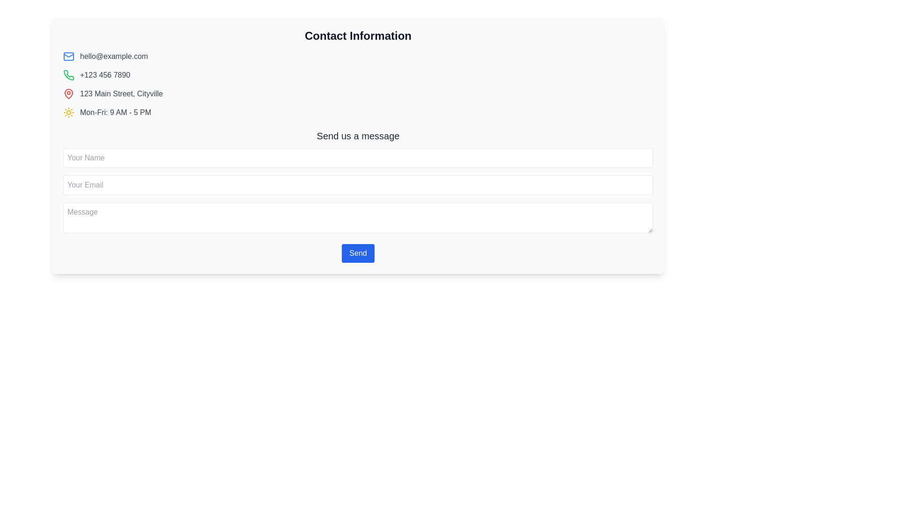 This screenshot has height=505, width=899. I want to click on the text label displaying the contact phone number, which is located immediately to the right of the phone icon and below the email address in the contact information list, so click(105, 75).